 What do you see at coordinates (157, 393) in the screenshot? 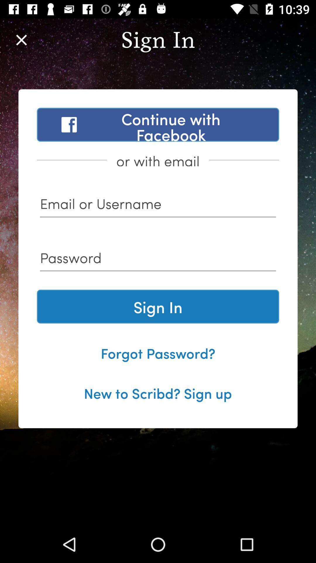
I see `the new to scribd` at bounding box center [157, 393].